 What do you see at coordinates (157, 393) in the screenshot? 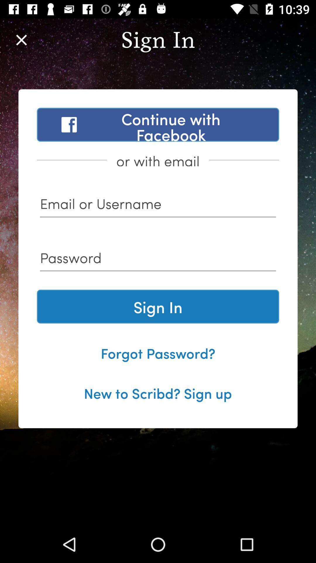
I see `the new to scribd` at bounding box center [157, 393].